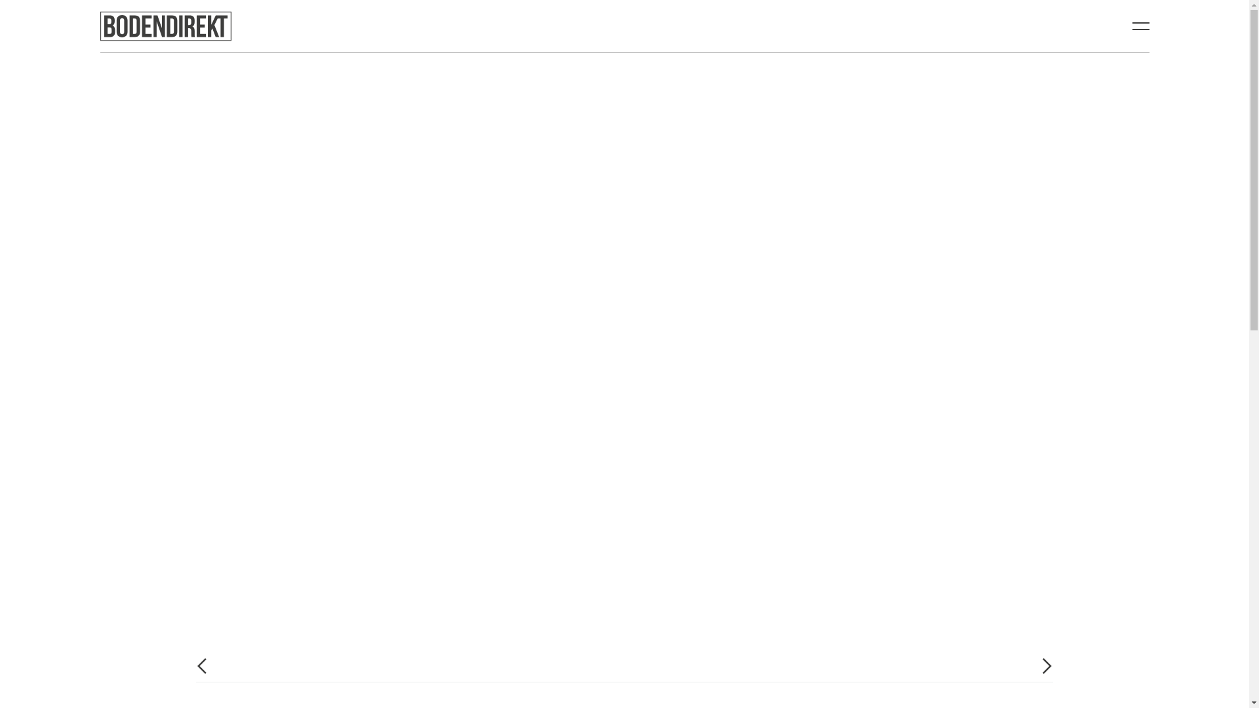 The image size is (1259, 708). Describe the element at coordinates (1140, 26) in the screenshot. I see `'Kategorie-Navigation anzeigen'` at that location.